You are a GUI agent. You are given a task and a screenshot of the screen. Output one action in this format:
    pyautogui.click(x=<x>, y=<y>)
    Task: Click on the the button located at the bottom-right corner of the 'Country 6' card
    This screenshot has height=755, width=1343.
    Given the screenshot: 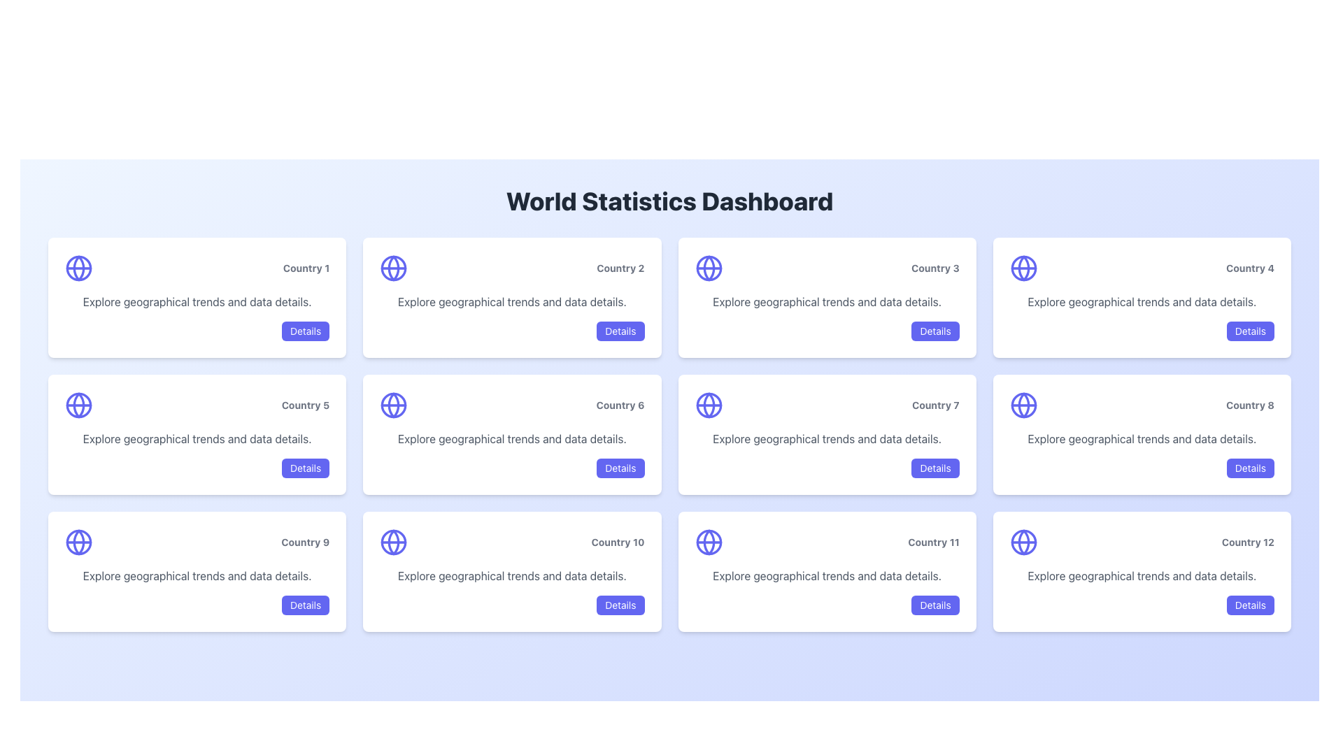 What is the action you would take?
    pyautogui.click(x=620, y=468)
    